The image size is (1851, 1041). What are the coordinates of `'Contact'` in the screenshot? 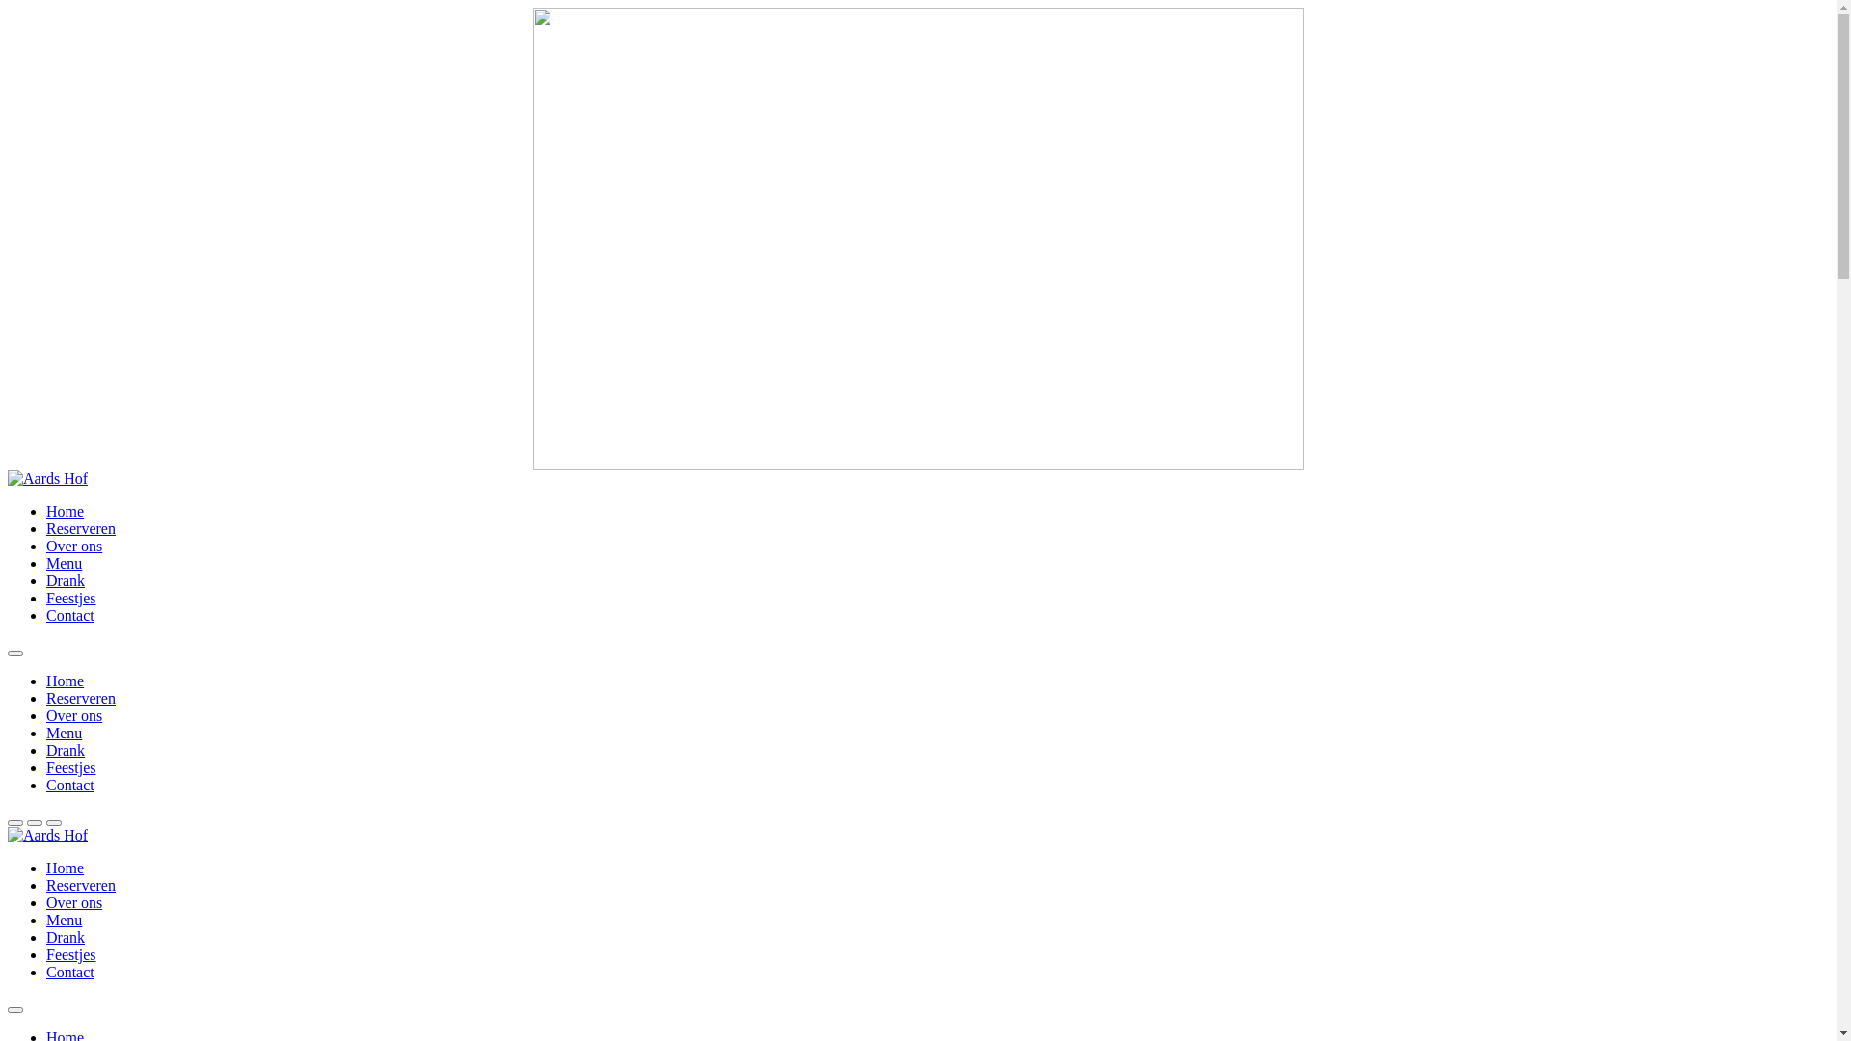 It's located at (46, 615).